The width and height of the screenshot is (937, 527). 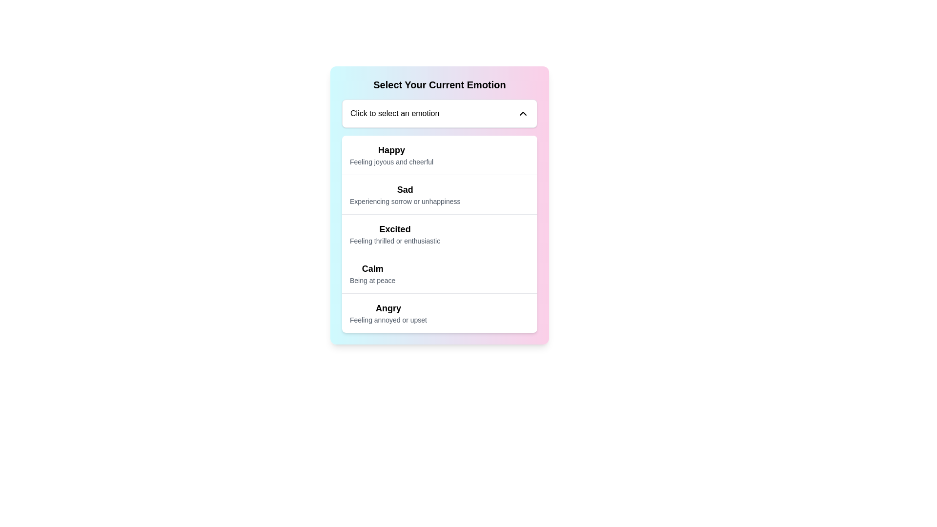 I want to click on the fourth list item labeled 'Calm: Being at peace' in the drop-down menu under 'Select Your Current Emotion', so click(x=372, y=273).